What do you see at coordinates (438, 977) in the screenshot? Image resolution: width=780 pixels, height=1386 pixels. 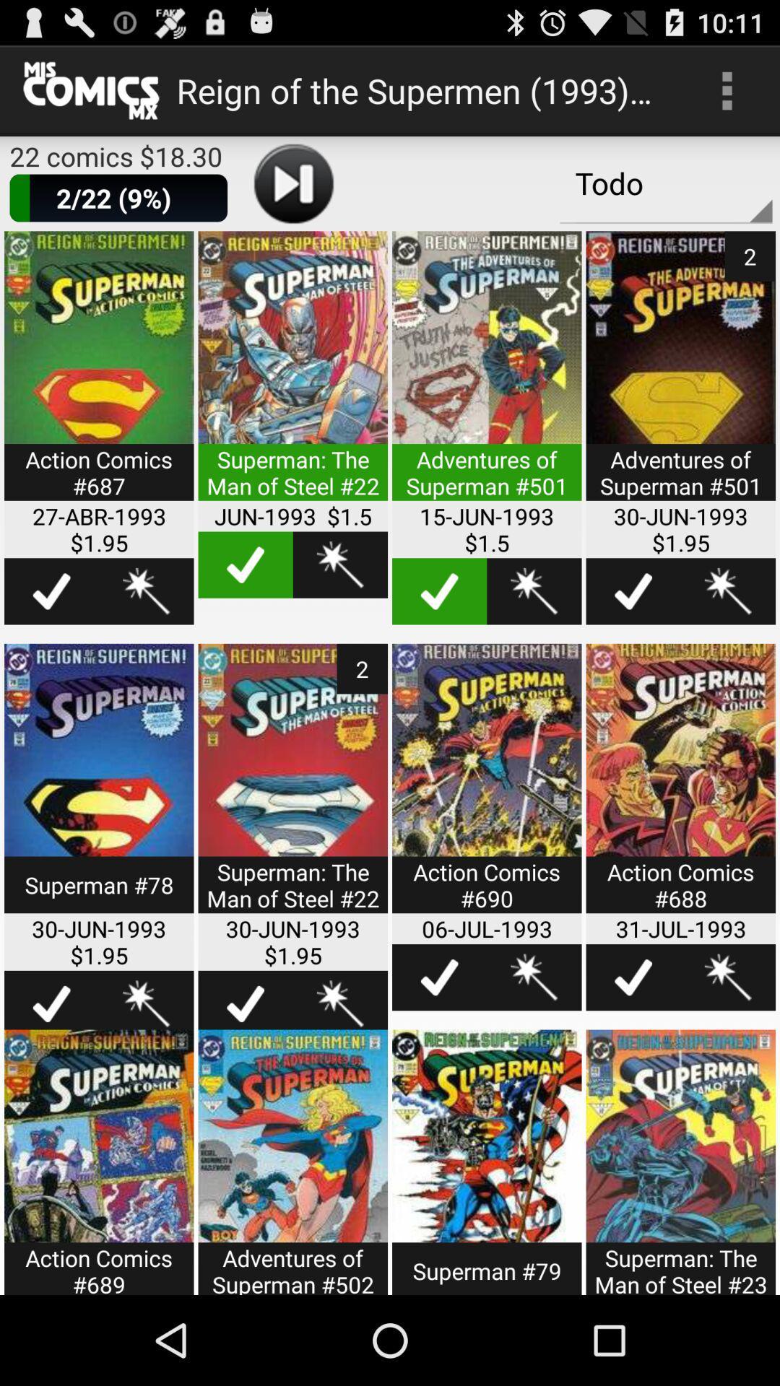 I see `comic` at bounding box center [438, 977].